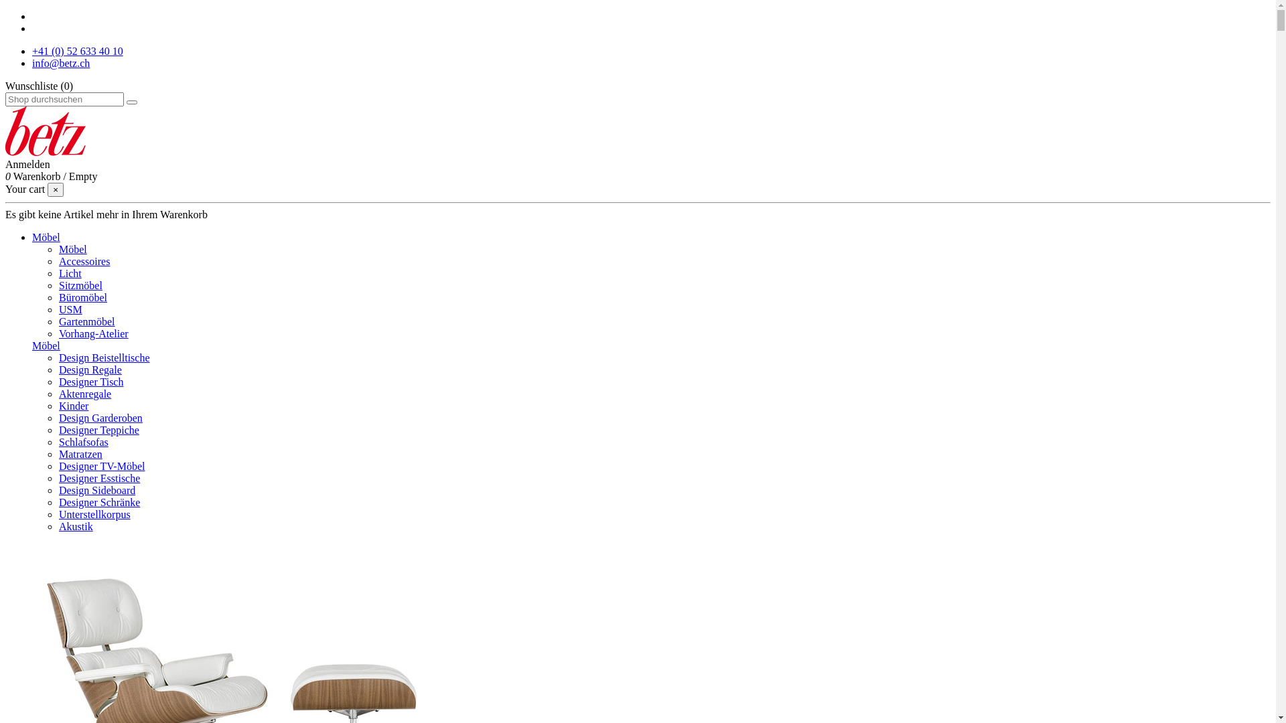 This screenshot has width=1286, height=723. Describe the element at coordinates (94, 513) in the screenshot. I see `'Unterstellkorpus'` at that location.